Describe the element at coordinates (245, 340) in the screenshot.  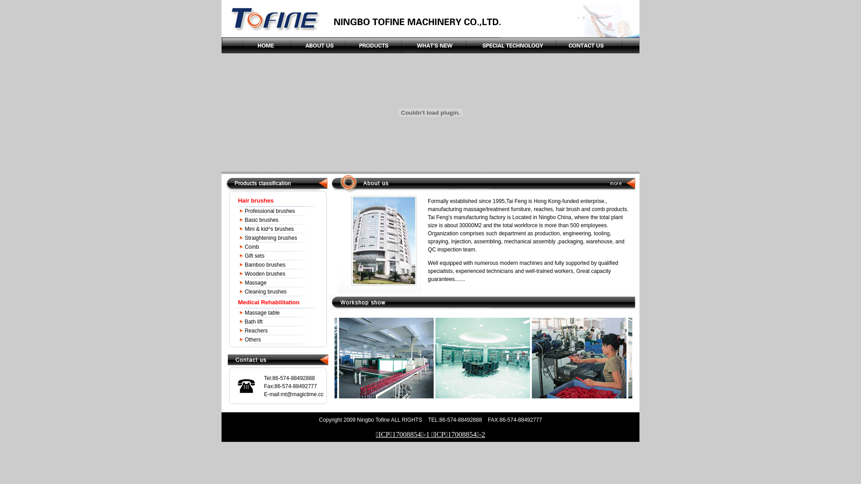
I see `'Others'` at that location.